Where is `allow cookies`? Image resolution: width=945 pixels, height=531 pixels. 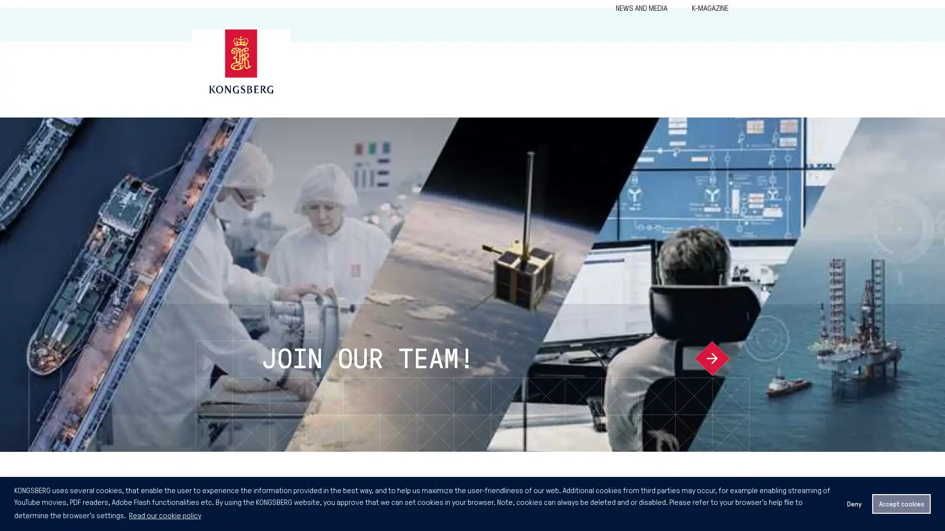
allow cookies is located at coordinates (901, 503).